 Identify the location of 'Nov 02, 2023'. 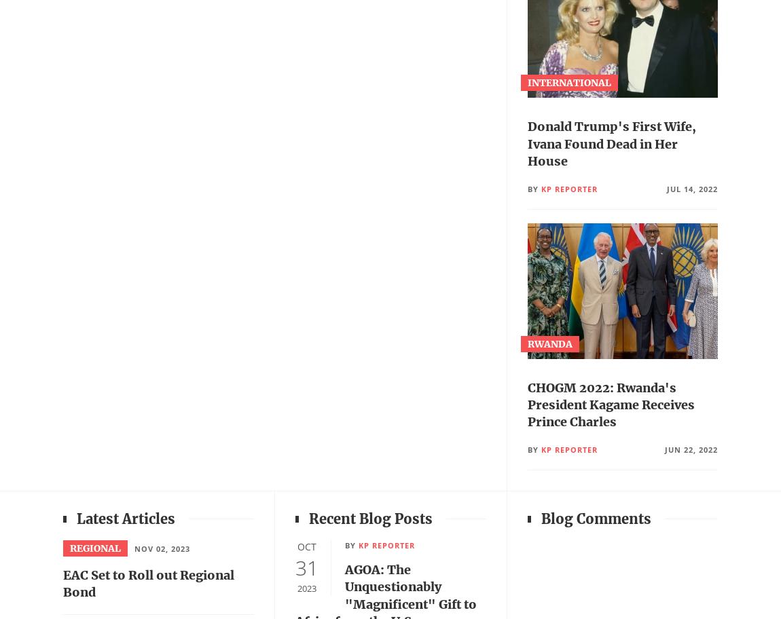
(134, 547).